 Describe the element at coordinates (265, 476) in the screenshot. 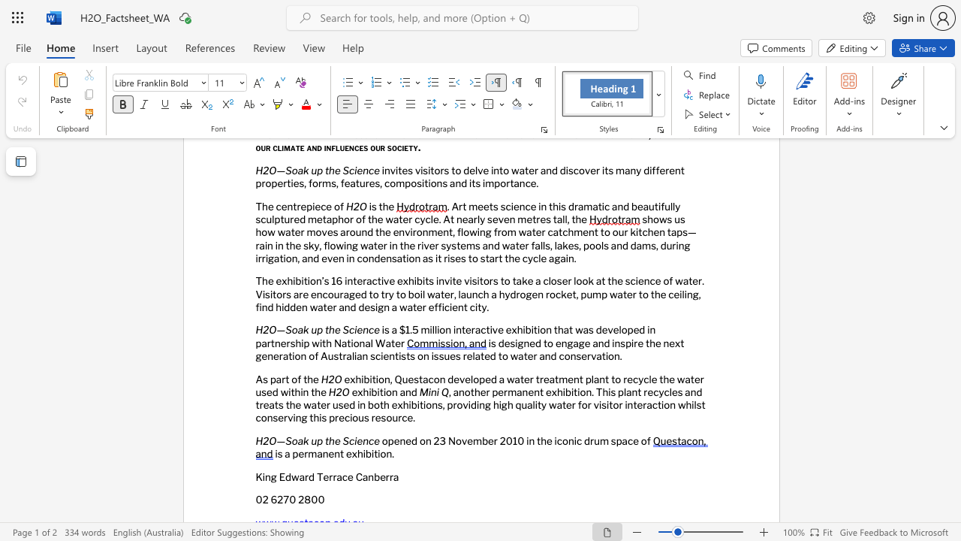

I see `the subset text "ng" within the text "King Edward Terrace Canberra"` at that location.